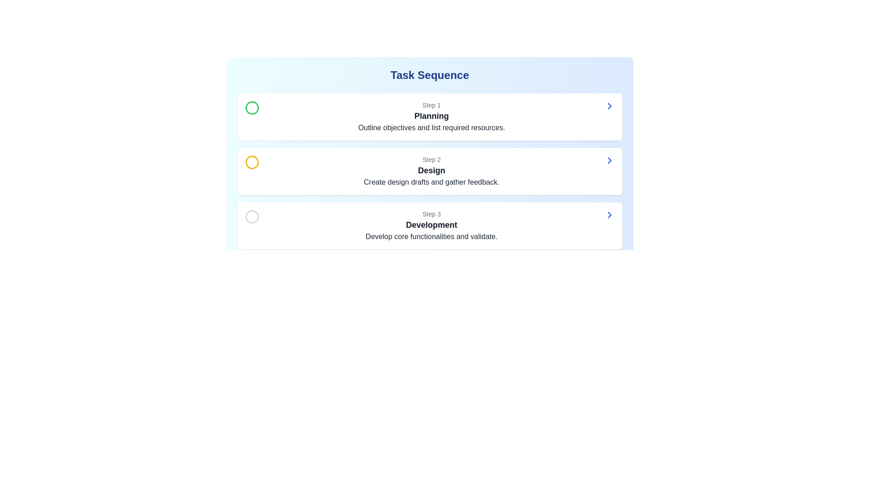 The image size is (871, 490). I want to click on the Circle icon that represents the third step in the sequence below the text 'Step 3 Development.', so click(252, 217).